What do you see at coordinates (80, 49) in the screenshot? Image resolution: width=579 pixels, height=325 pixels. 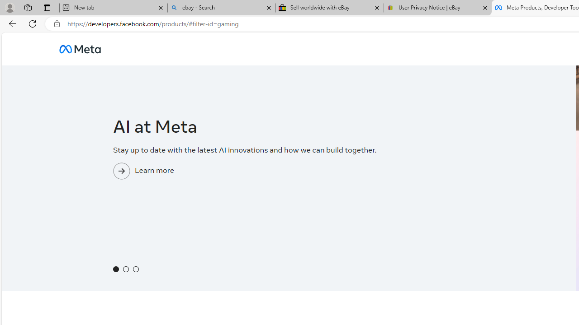 I see `'AutomationID: u_0_3h_wf'` at bounding box center [80, 49].